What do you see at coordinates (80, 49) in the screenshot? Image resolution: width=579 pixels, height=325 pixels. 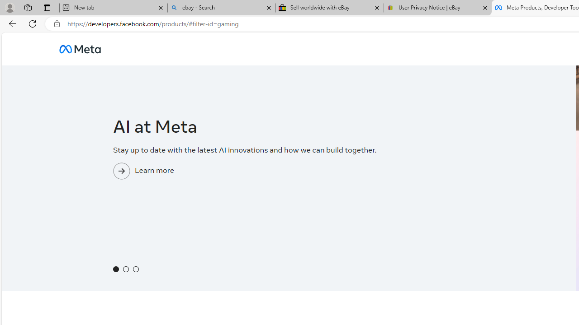 I see `'AutomationID: u_0_3h_wf'` at bounding box center [80, 49].